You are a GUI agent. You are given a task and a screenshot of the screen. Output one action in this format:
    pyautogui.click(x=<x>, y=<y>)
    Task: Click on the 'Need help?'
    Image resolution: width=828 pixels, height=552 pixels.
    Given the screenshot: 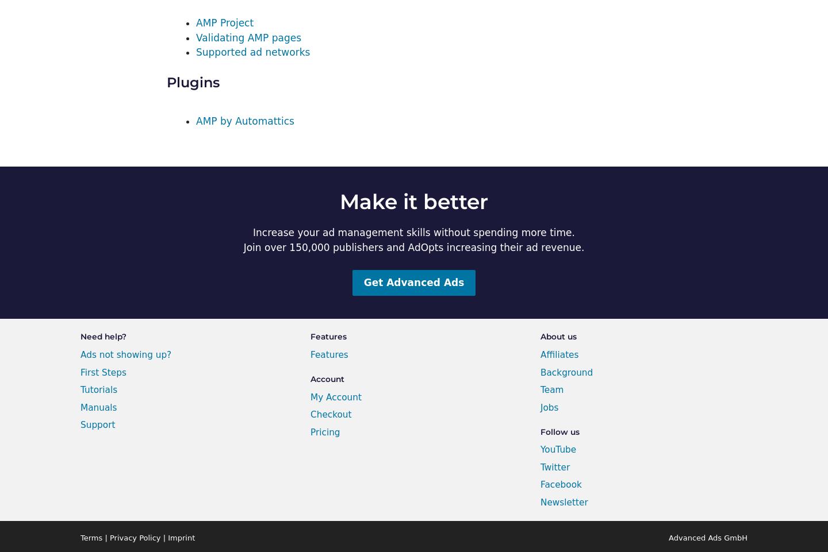 What is the action you would take?
    pyautogui.click(x=103, y=336)
    